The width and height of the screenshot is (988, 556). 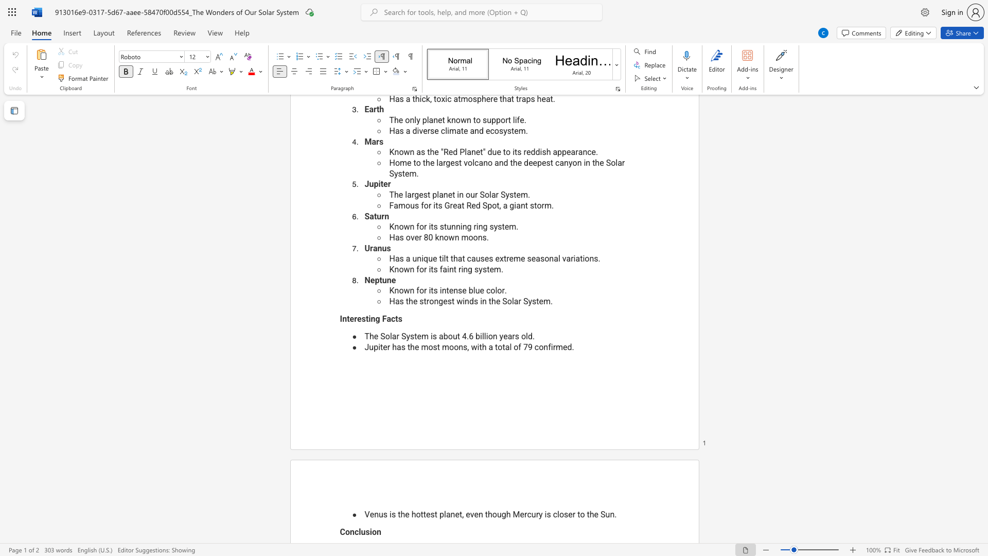 What do you see at coordinates (373, 336) in the screenshot?
I see `the subset text "e Solar System" within the text "The Solar System is about 4.6 billion years old."` at bounding box center [373, 336].